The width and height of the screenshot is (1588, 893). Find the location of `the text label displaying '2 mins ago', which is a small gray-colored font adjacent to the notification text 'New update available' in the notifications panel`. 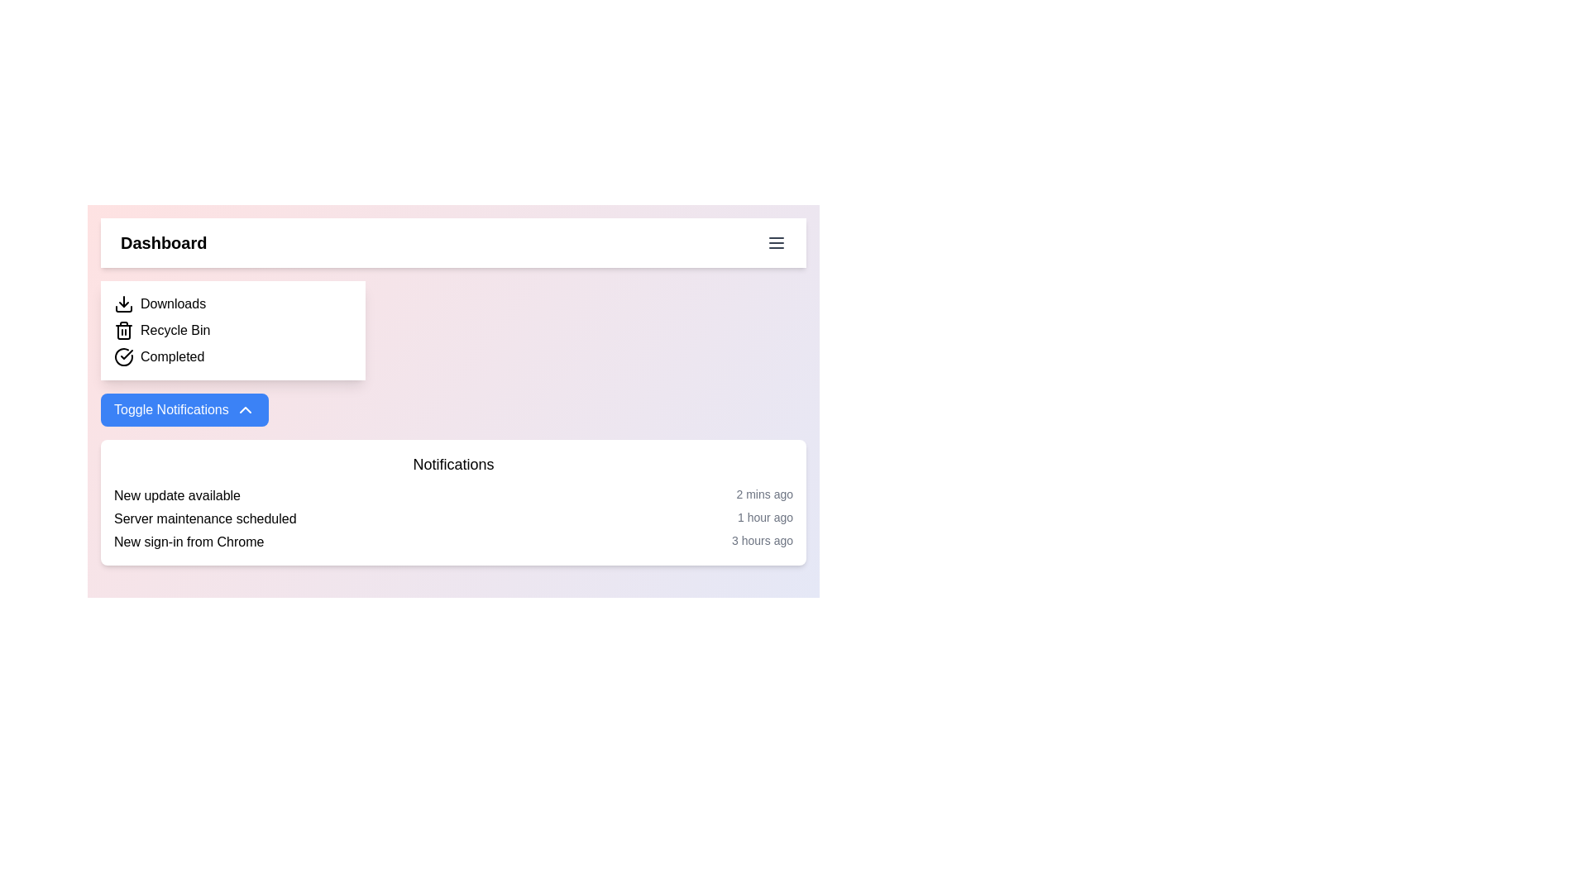

the text label displaying '2 mins ago', which is a small gray-colored font adjacent to the notification text 'New update available' in the notifications panel is located at coordinates (763, 495).